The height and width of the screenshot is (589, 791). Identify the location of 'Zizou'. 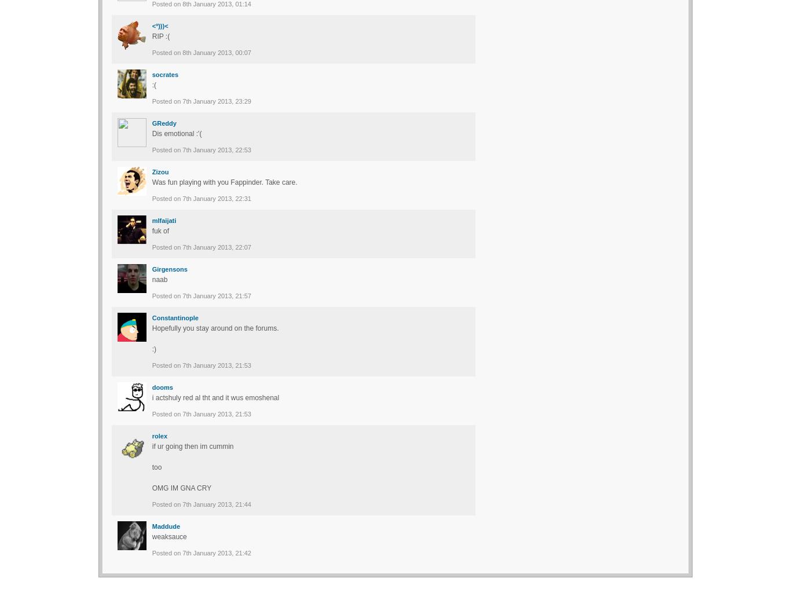
(160, 171).